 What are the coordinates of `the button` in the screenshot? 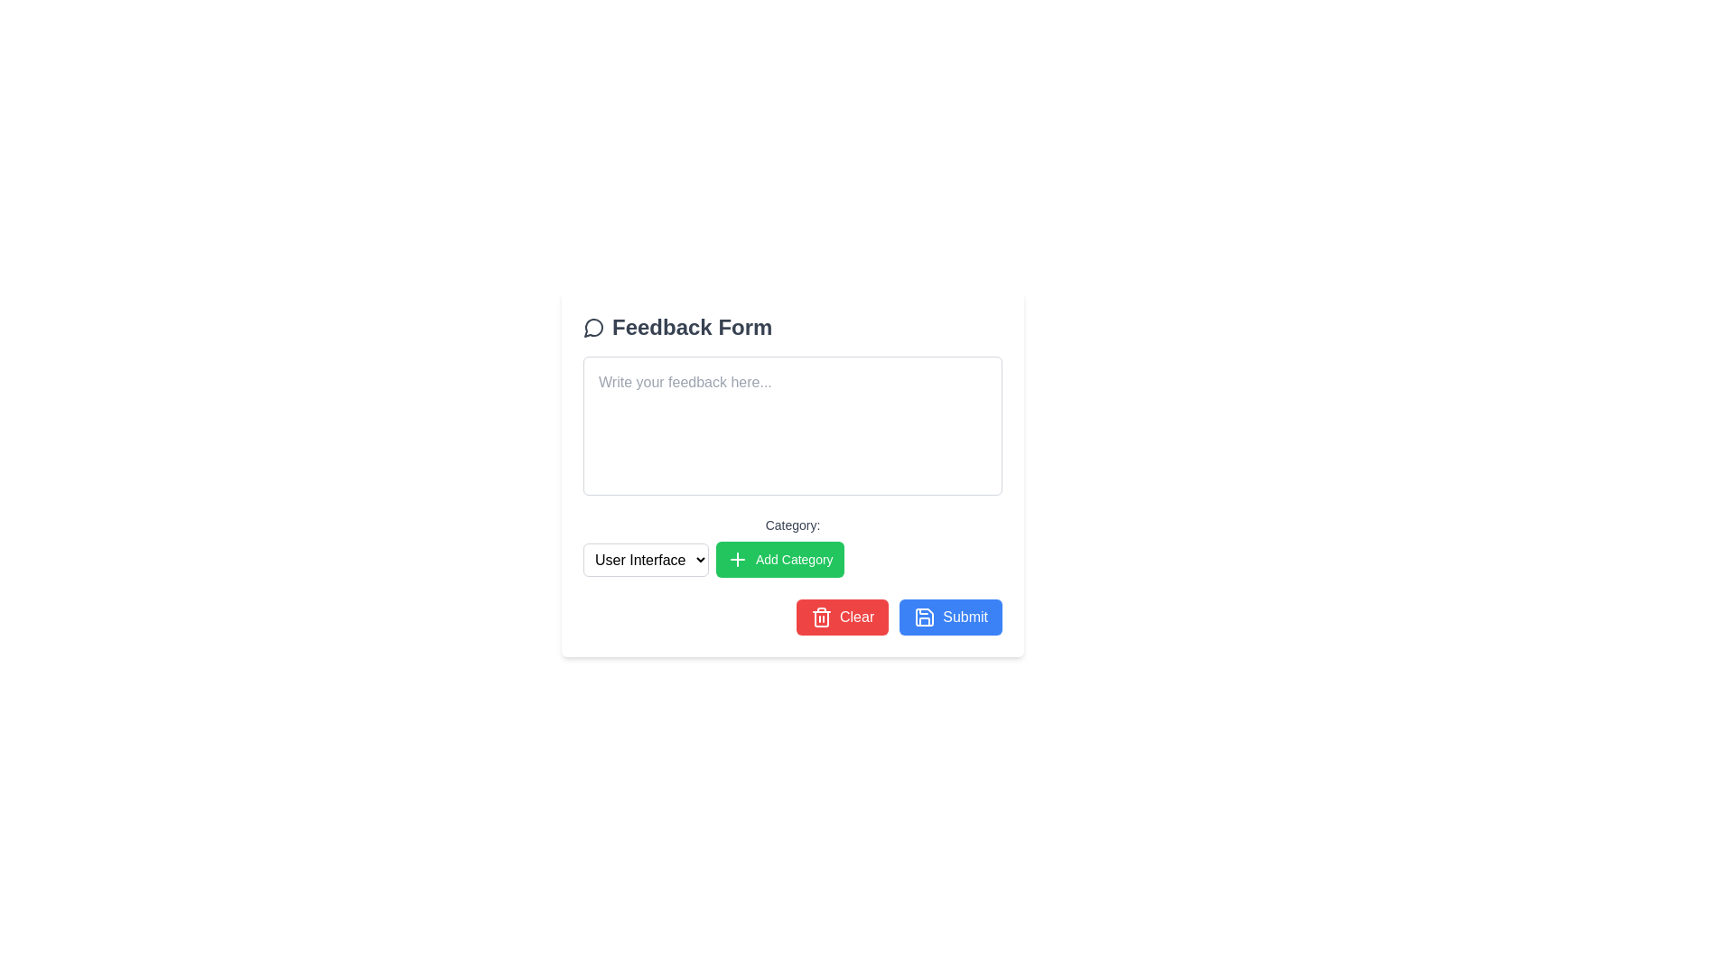 It's located at (779, 559).